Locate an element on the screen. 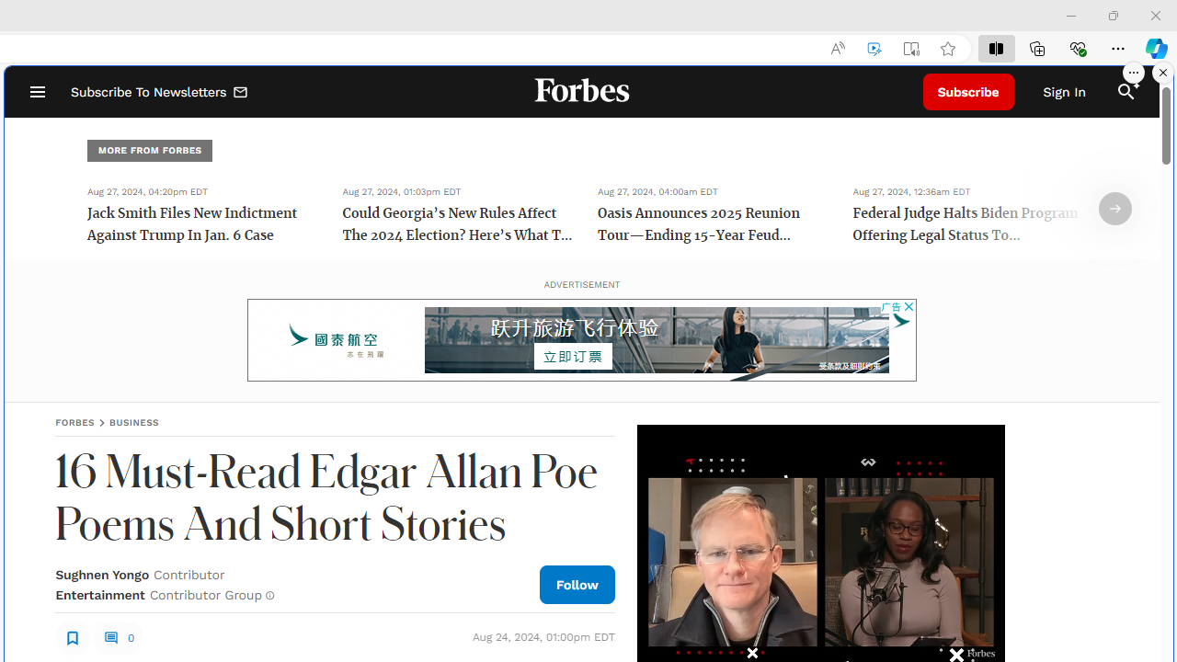 Image resolution: width=1177 pixels, height=662 pixels. 'Entertainment' is located at coordinates (98, 594).